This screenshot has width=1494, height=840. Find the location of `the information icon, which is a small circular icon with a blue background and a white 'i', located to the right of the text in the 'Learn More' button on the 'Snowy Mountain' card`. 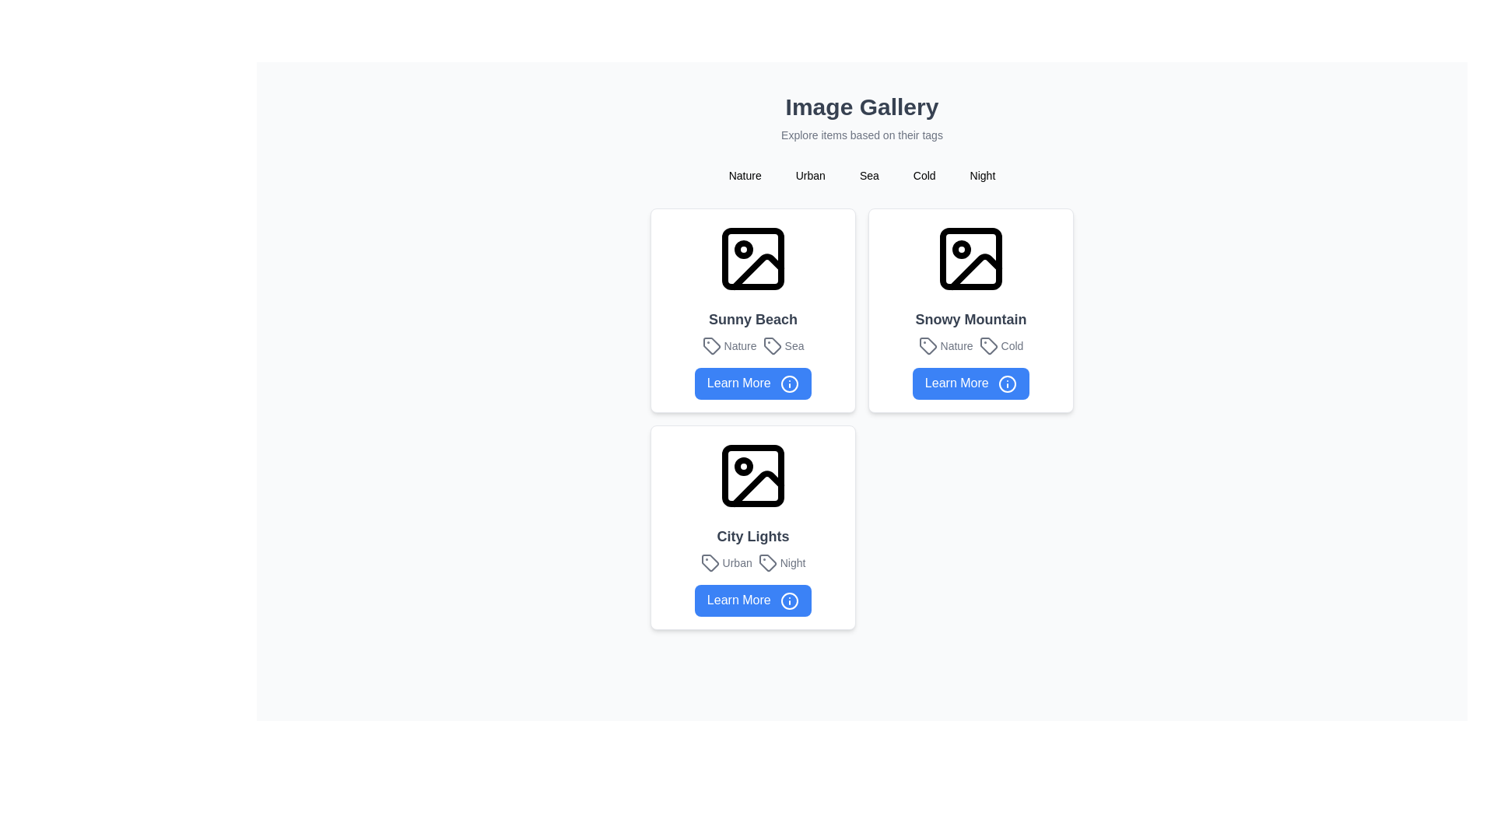

the information icon, which is a small circular icon with a blue background and a white 'i', located to the right of the text in the 'Learn More' button on the 'Snowy Mountain' card is located at coordinates (1008, 383).